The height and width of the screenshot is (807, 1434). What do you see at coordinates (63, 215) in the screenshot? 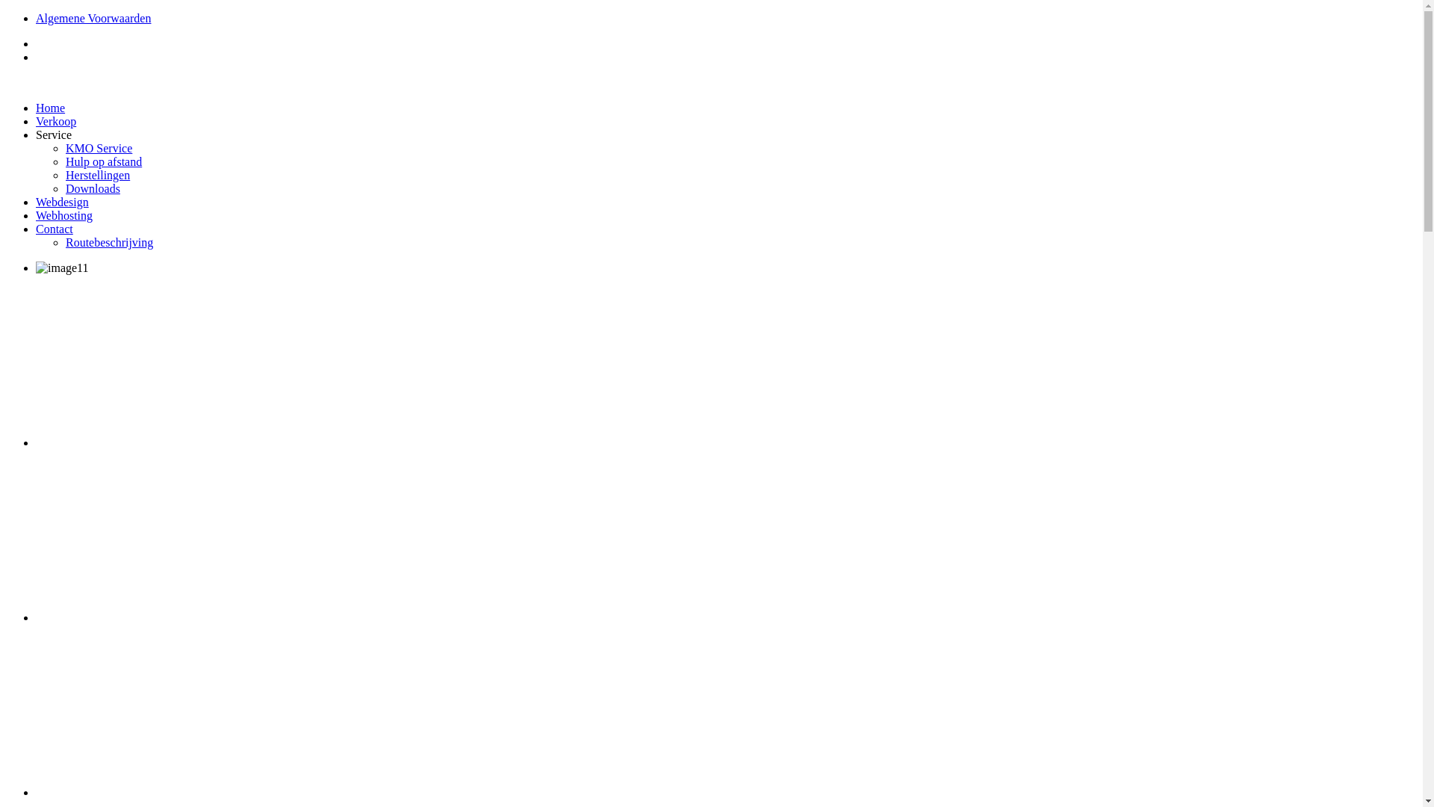
I see `'Webhosting'` at bounding box center [63, 215].